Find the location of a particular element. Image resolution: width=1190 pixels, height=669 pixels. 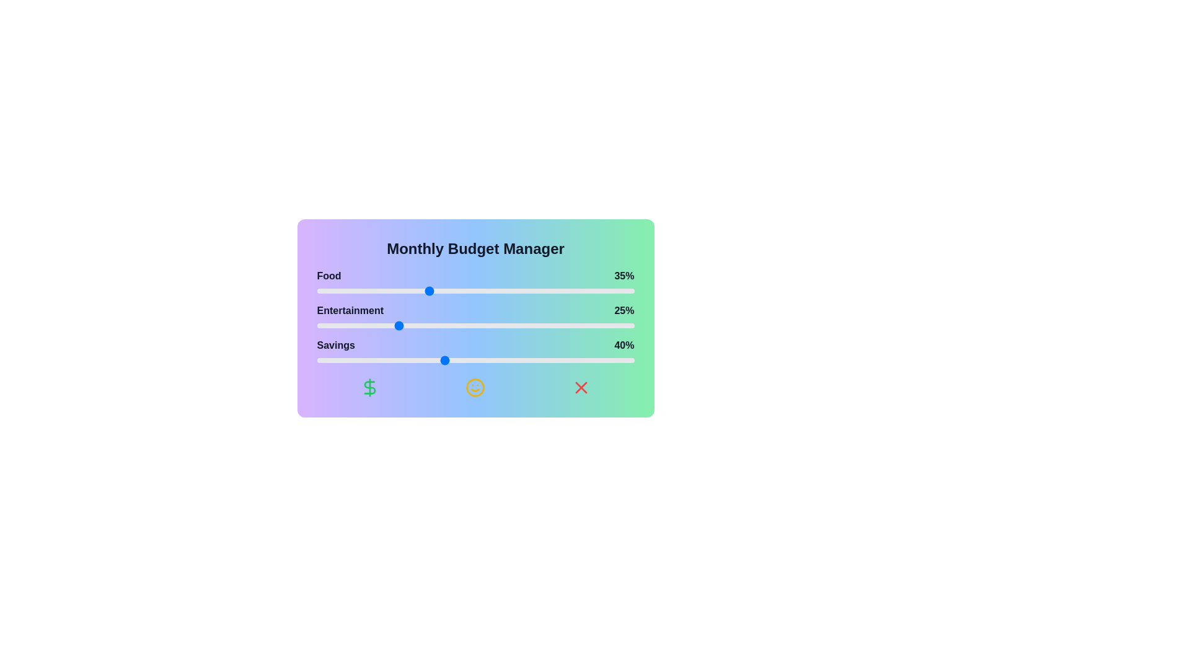

the red X icon to perform the cancel or reset action is located at coordinates (581, 387).